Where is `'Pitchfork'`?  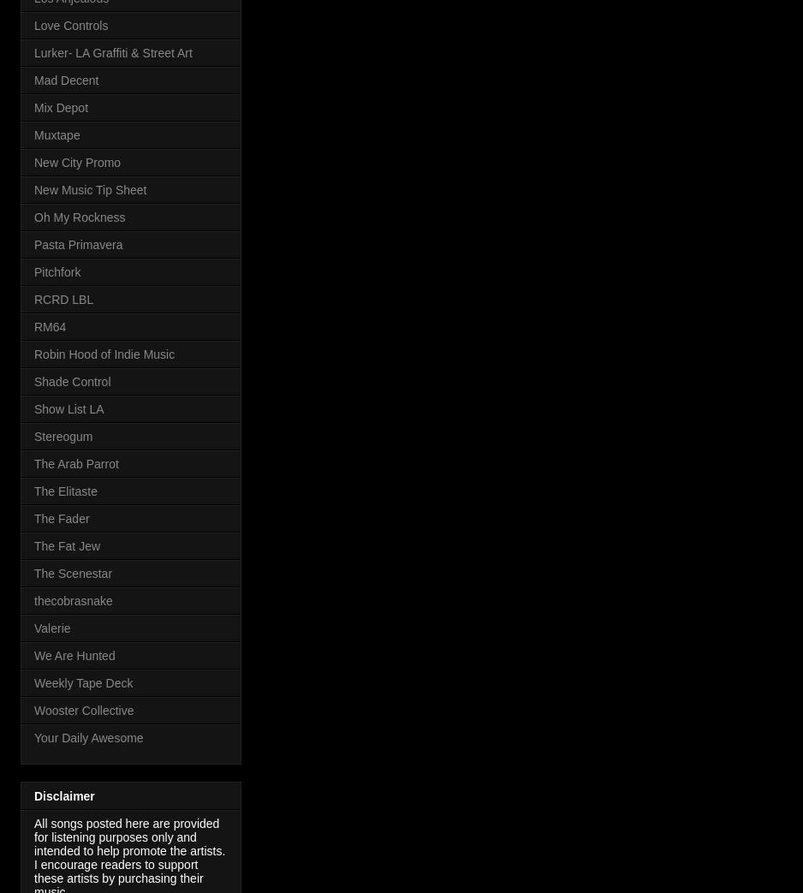
'Pitchfork' is located at coordinates (56, 271).